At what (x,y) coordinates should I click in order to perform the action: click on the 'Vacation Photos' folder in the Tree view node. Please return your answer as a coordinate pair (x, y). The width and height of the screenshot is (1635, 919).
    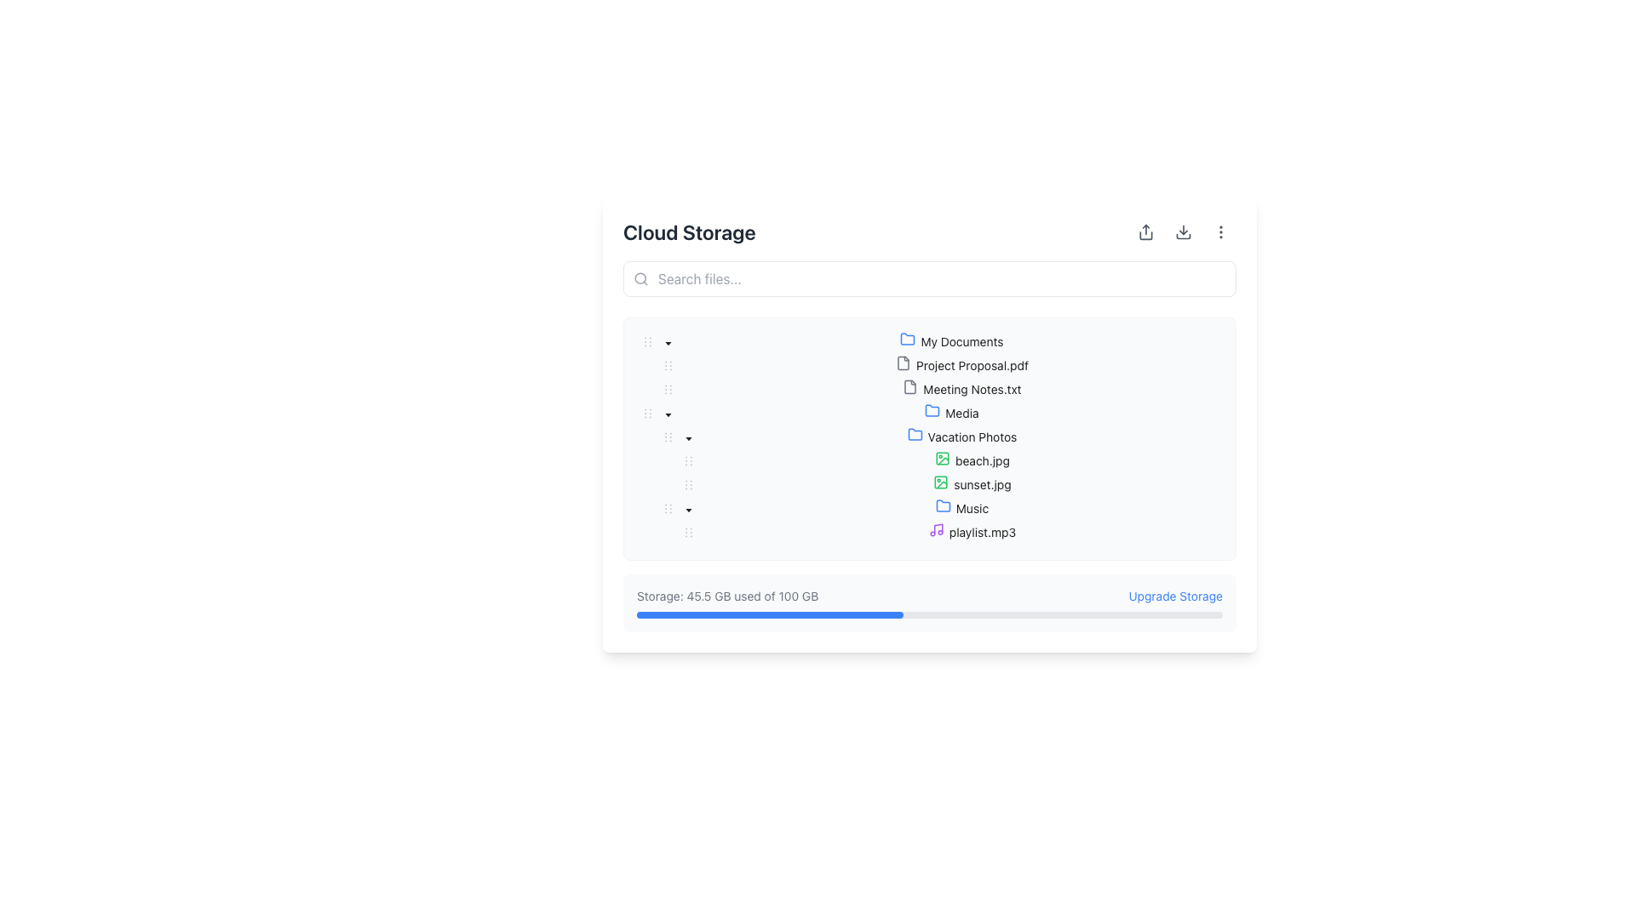
    Looking at the image, I should click on (961, 436).